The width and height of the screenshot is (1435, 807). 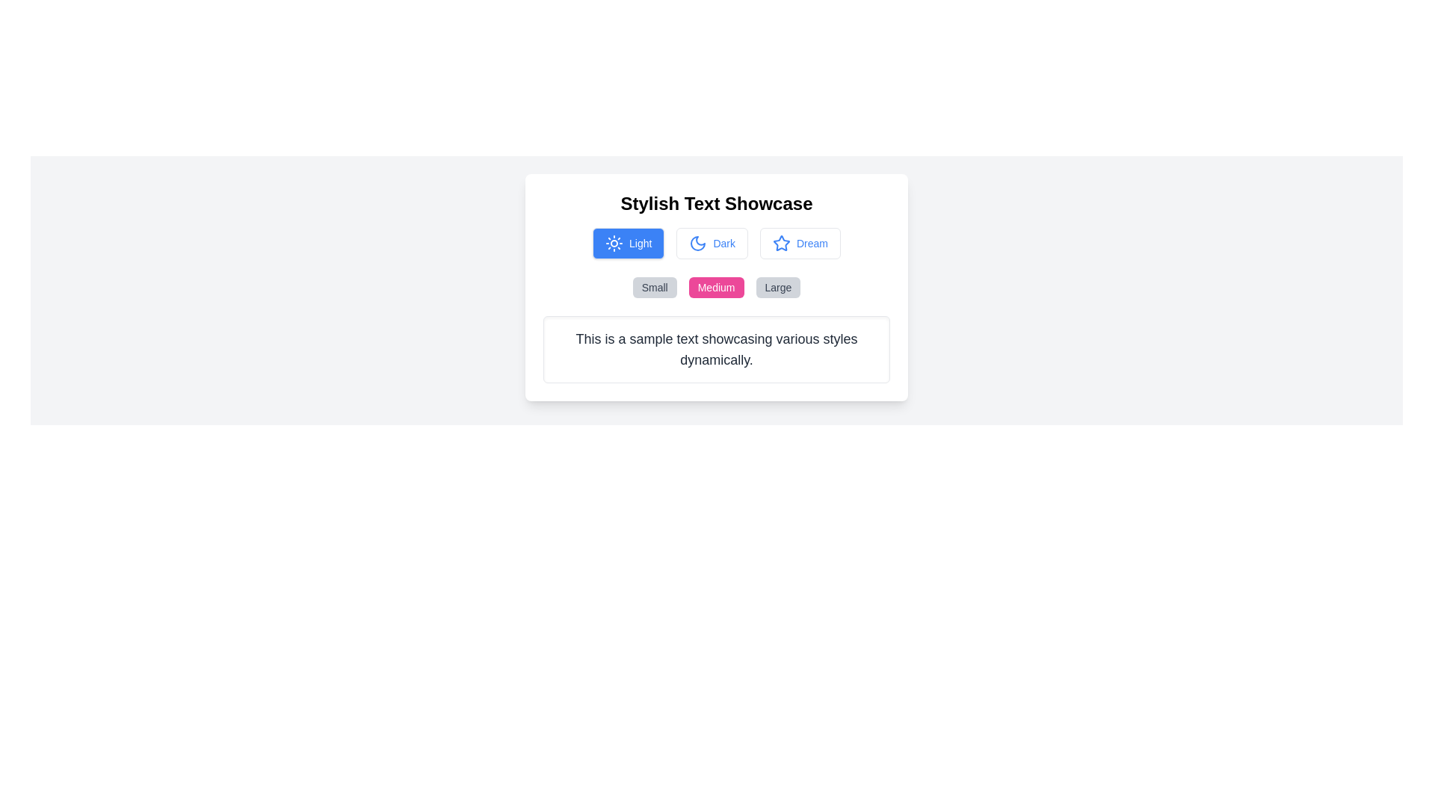 What do you see at coordinates (715, 288) in the screenshot?
I see `the 'Medium' button, which is the middle button in a row of three size options labeled 'Small', 'Medium', and 'Large'` at bounding box center [715, 288].